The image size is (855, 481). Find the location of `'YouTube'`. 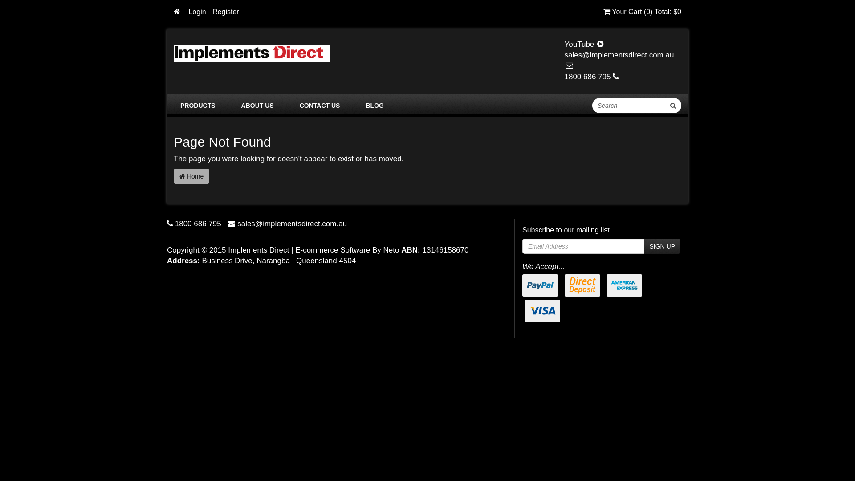

'YouTube' is located at coordinates (584, 44).